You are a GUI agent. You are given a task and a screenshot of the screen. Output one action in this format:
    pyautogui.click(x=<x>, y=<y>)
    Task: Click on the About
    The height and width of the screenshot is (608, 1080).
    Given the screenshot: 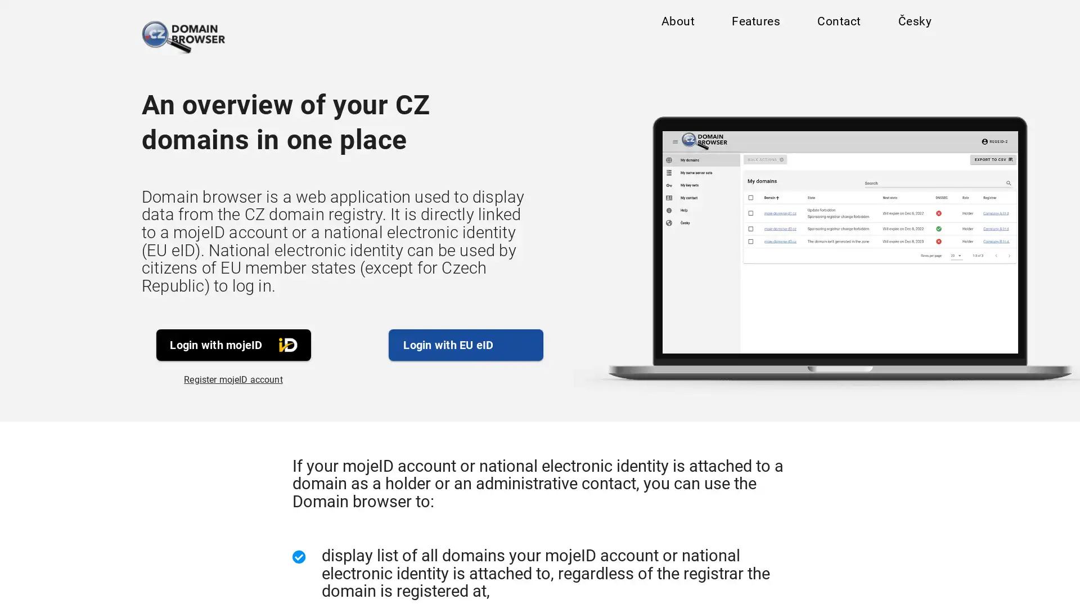 What is the action you would take?
    pyautogui.click(x=677, y=24)
    